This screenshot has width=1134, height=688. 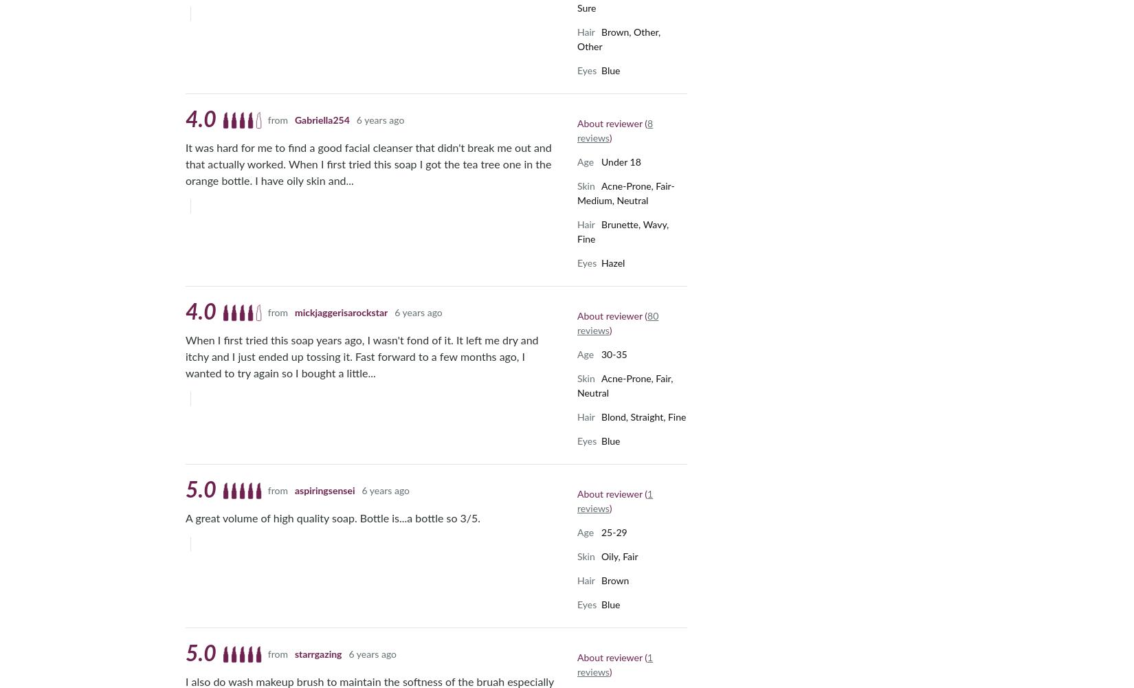 What do you see at coordinates (361, 356) in the screenshot?
I see `'When I first tried this soap years ago, I wasn't fond of it. It left me dry and itchy and I just ended up tossing it. Fast forward to a few months ago, I wanted to try again so I bought a little...'` at bounding box center [361, 356].